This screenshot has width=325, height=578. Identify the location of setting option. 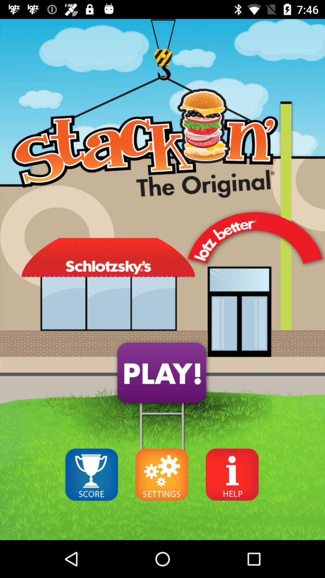
(162, 474).